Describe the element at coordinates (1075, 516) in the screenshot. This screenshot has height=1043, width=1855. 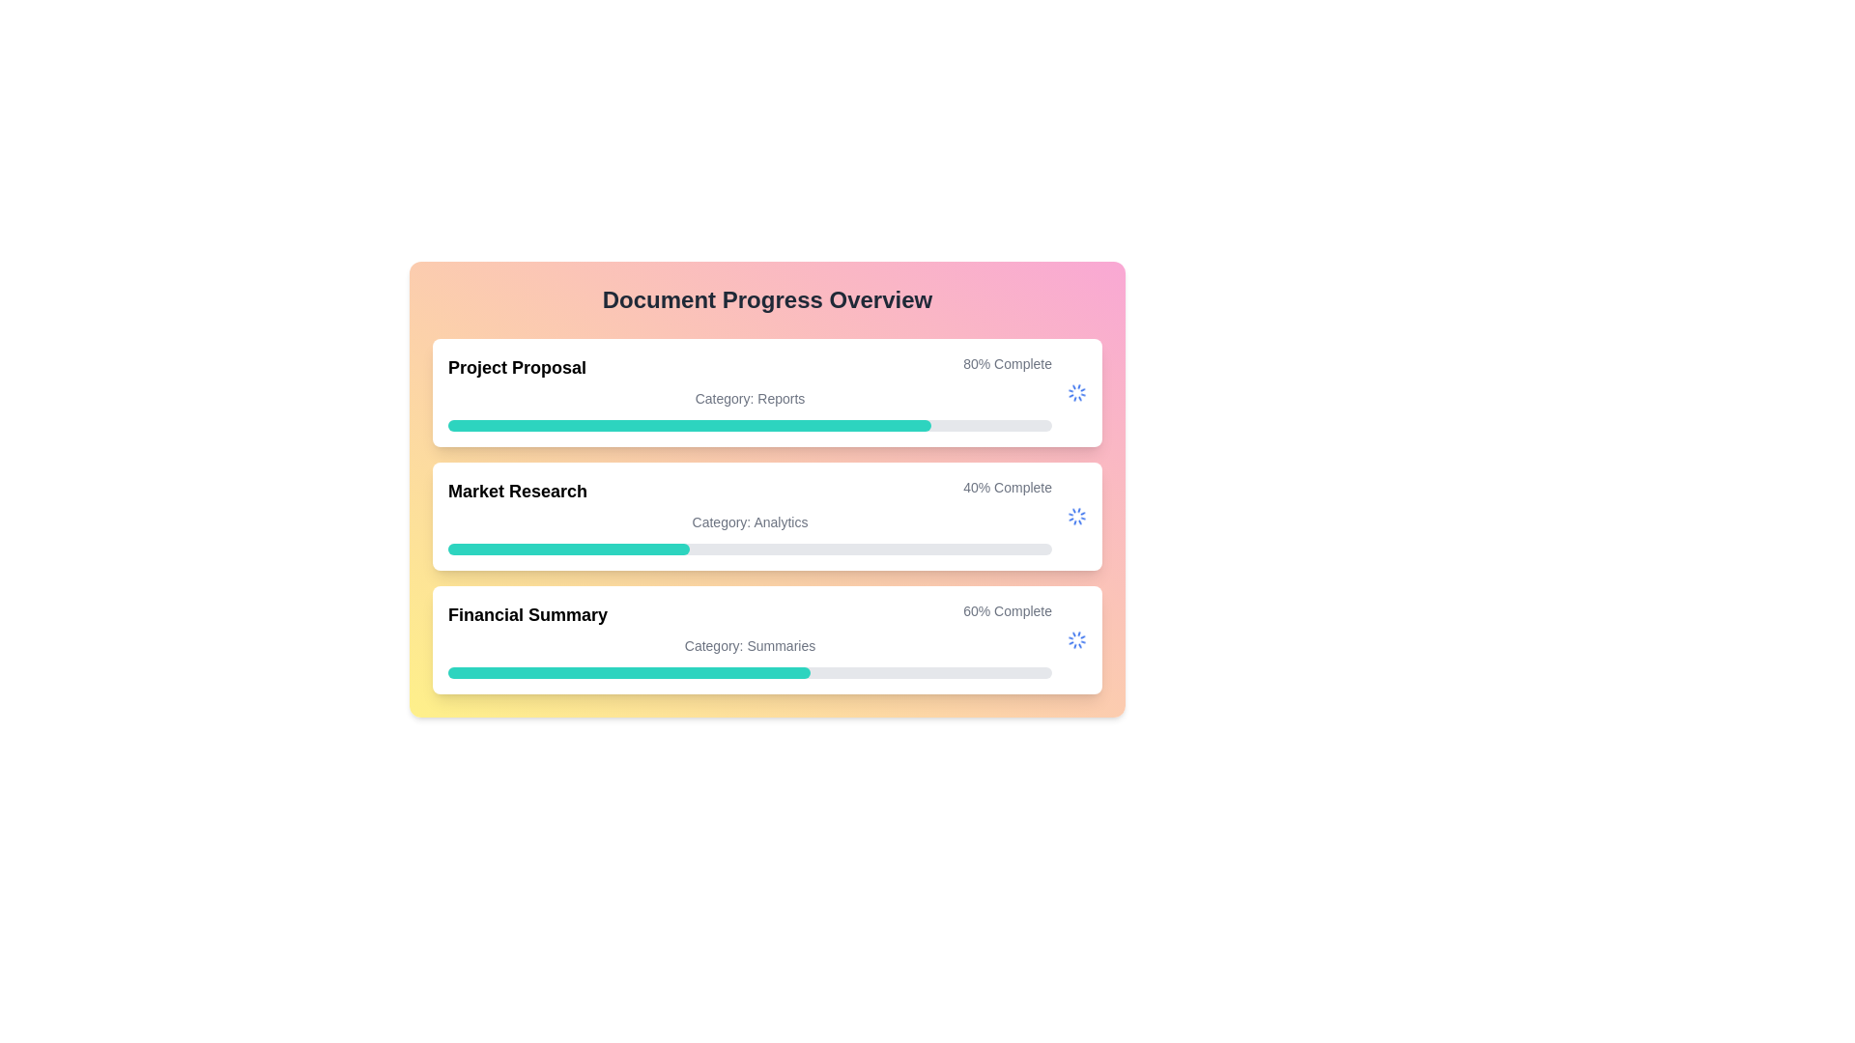
I see `the Loader icon located at the far-right side of the 'Market Research' card, next to the 40% progress bar, which visually indicates a loading state` at that location.